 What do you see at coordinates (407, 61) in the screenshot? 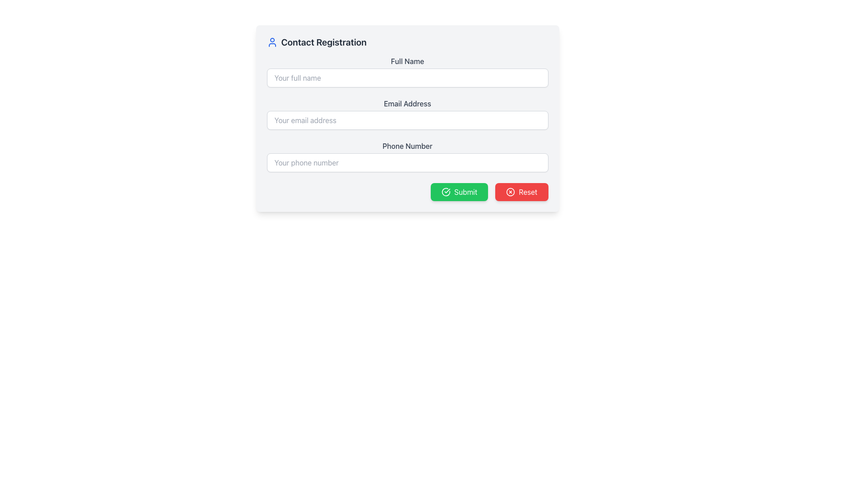
I see `the 'Full Name' label, which is styled in bold and dark gray, located at the top of the form and aligned to the left` at bounding box center [407, 61].